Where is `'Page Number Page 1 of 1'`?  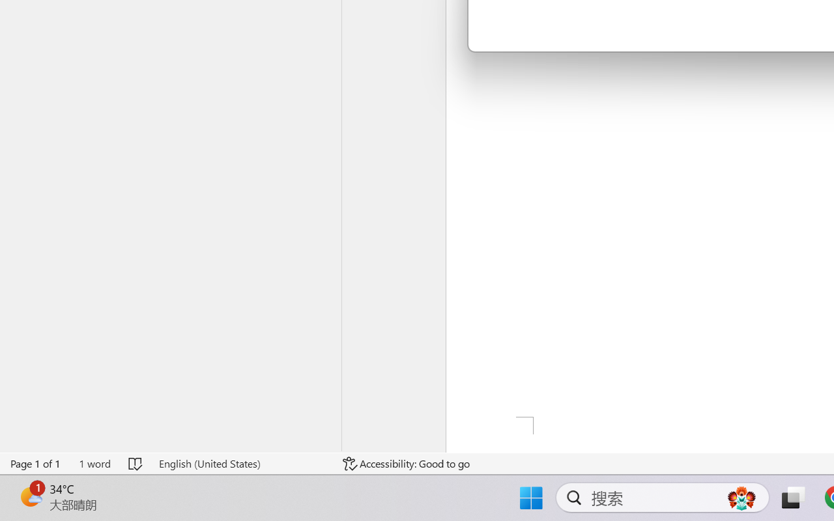
'Page Number Page 1 of 1' is located at coordinates (36, 463).